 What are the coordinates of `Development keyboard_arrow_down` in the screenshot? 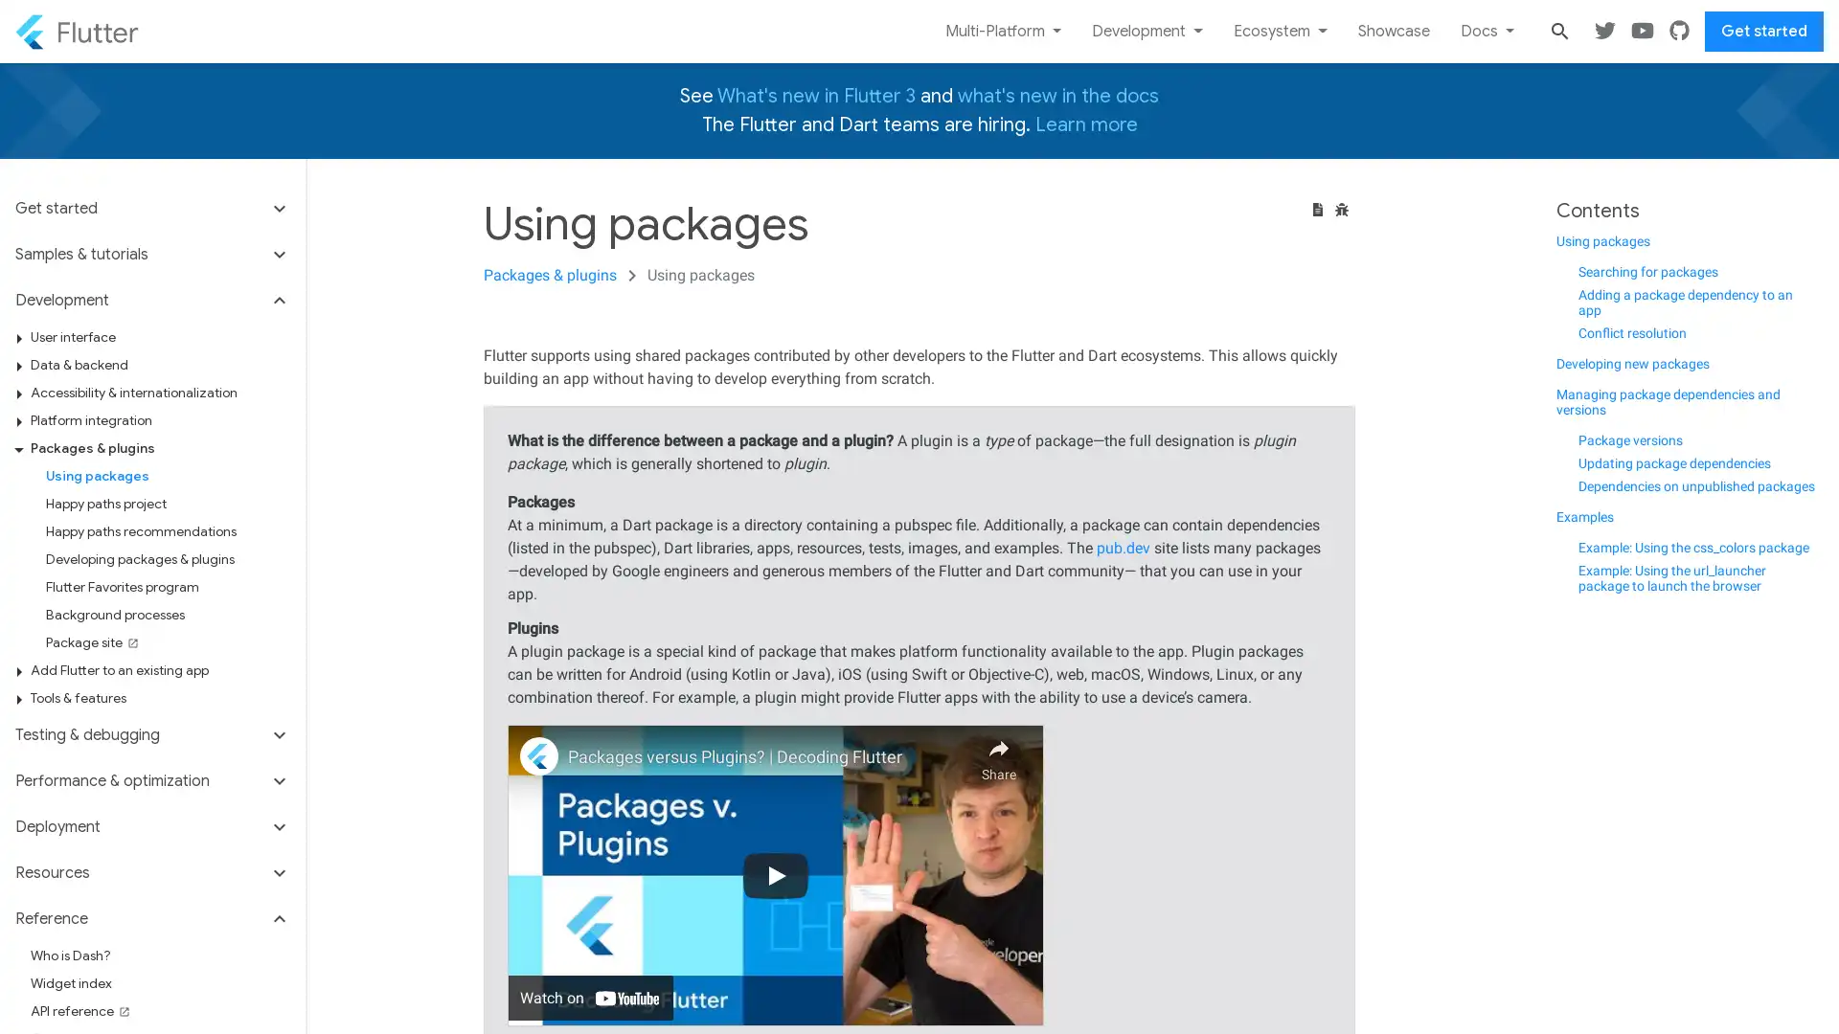 It's located at (151, 300).